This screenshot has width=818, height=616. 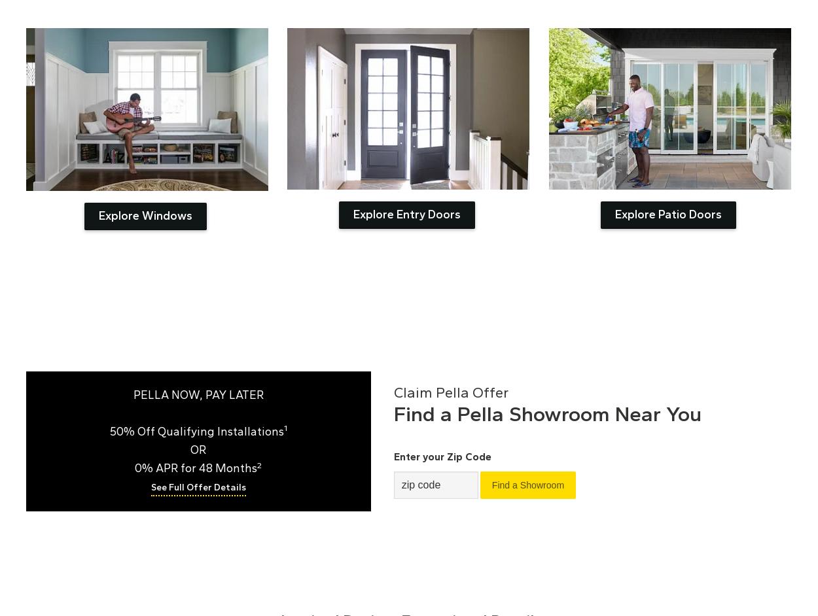 I want to click on '0% APR for 48 Months', so click(x=196, y=468).